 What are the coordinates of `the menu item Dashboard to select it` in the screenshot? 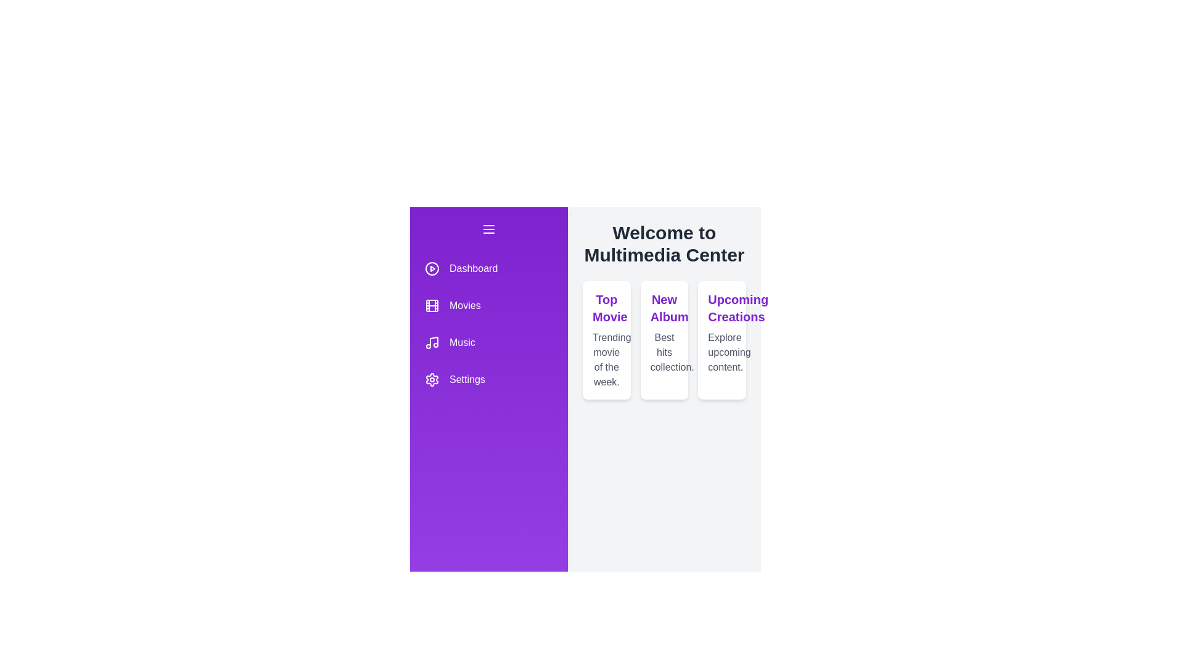 It's located at (488, 268).